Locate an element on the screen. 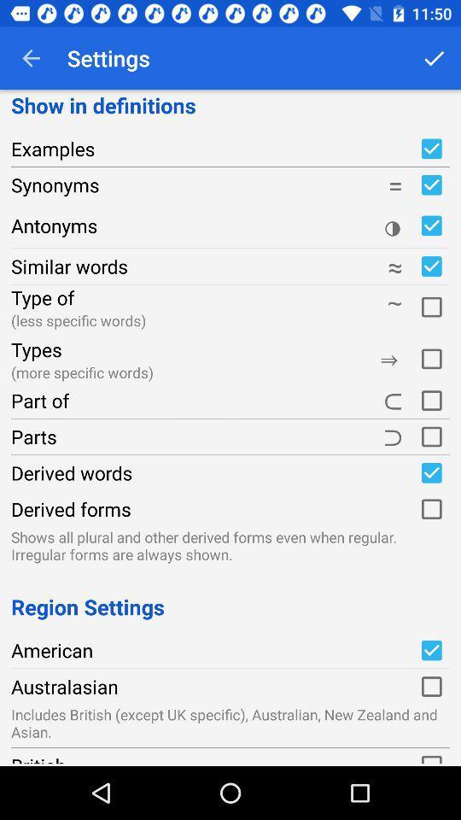  disable synonyms is located at coordinates (430, 184).